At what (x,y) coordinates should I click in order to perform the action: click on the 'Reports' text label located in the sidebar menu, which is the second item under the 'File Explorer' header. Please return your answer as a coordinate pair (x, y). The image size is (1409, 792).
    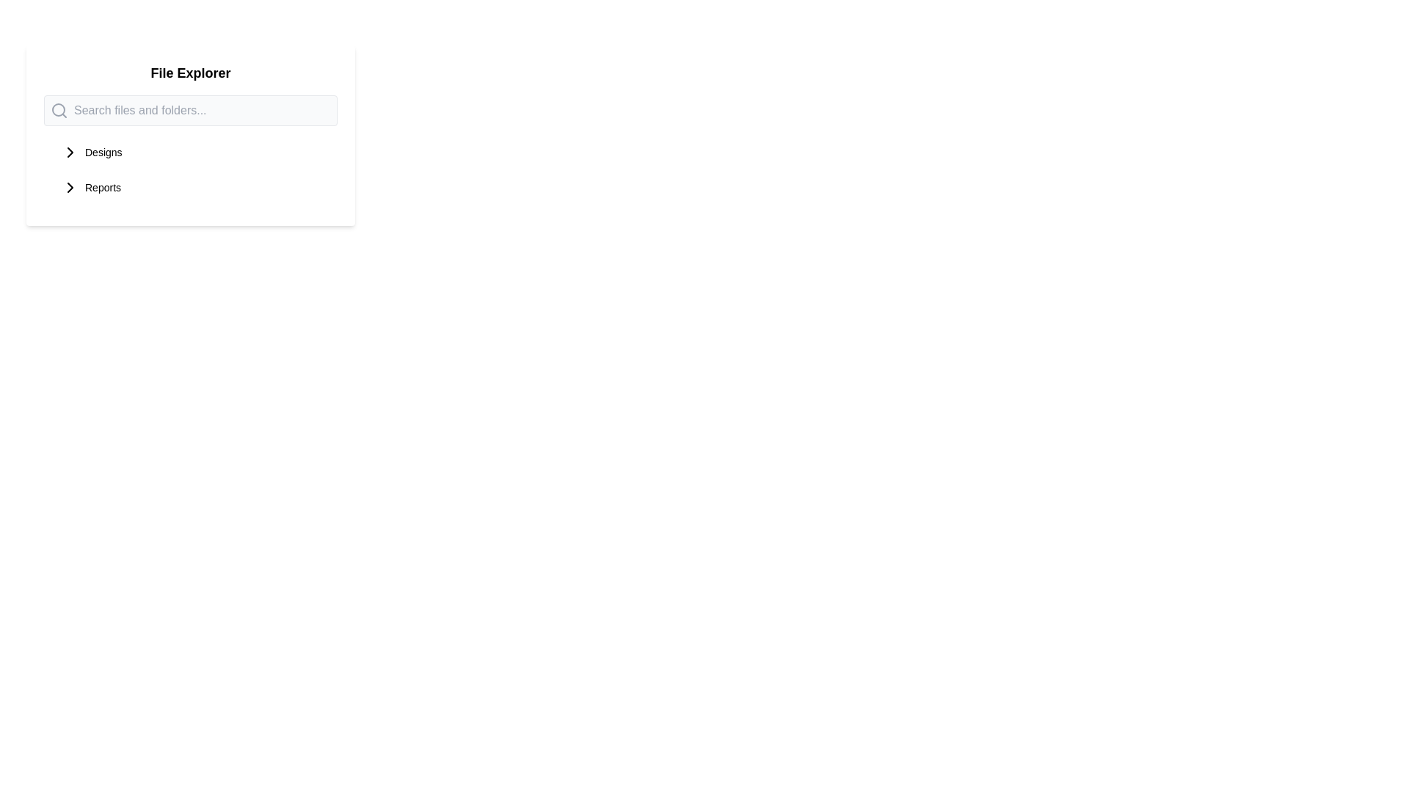
    Looking at the image, I should click on (102, 186).